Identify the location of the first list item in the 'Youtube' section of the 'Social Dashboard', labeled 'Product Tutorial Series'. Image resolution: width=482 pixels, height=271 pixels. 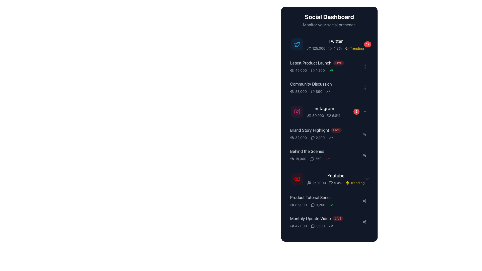
(329, 200).